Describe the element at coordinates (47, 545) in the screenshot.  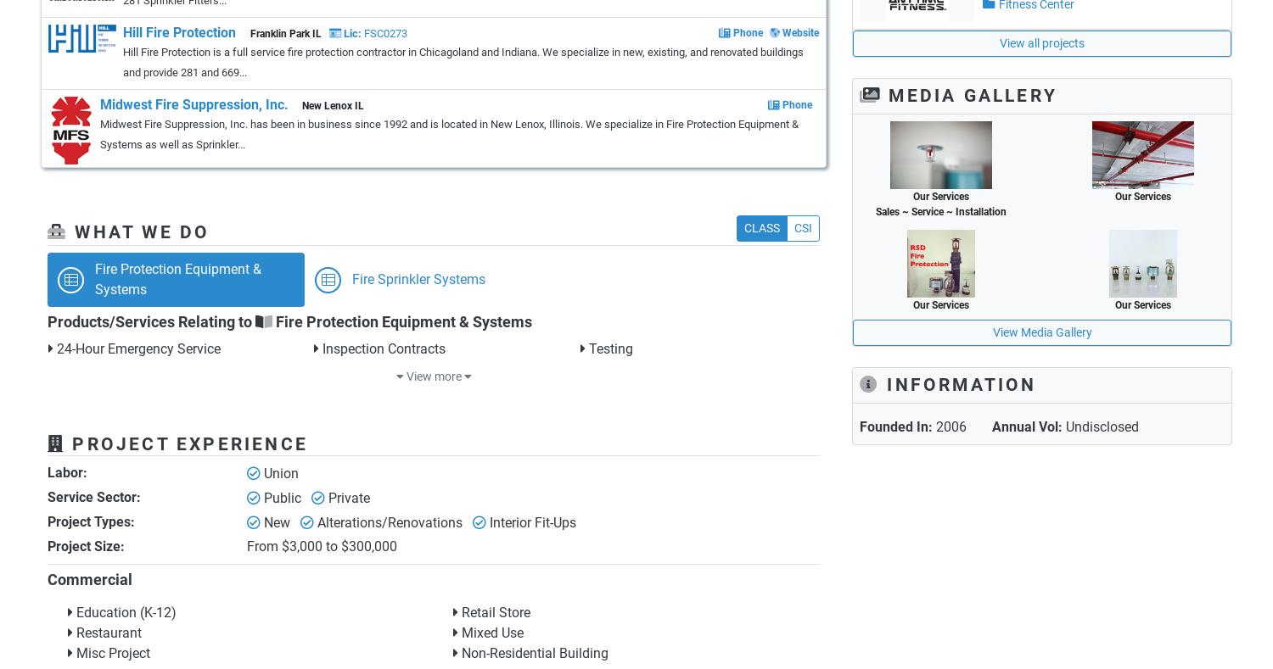
I see `'Project Size:'` at that location.